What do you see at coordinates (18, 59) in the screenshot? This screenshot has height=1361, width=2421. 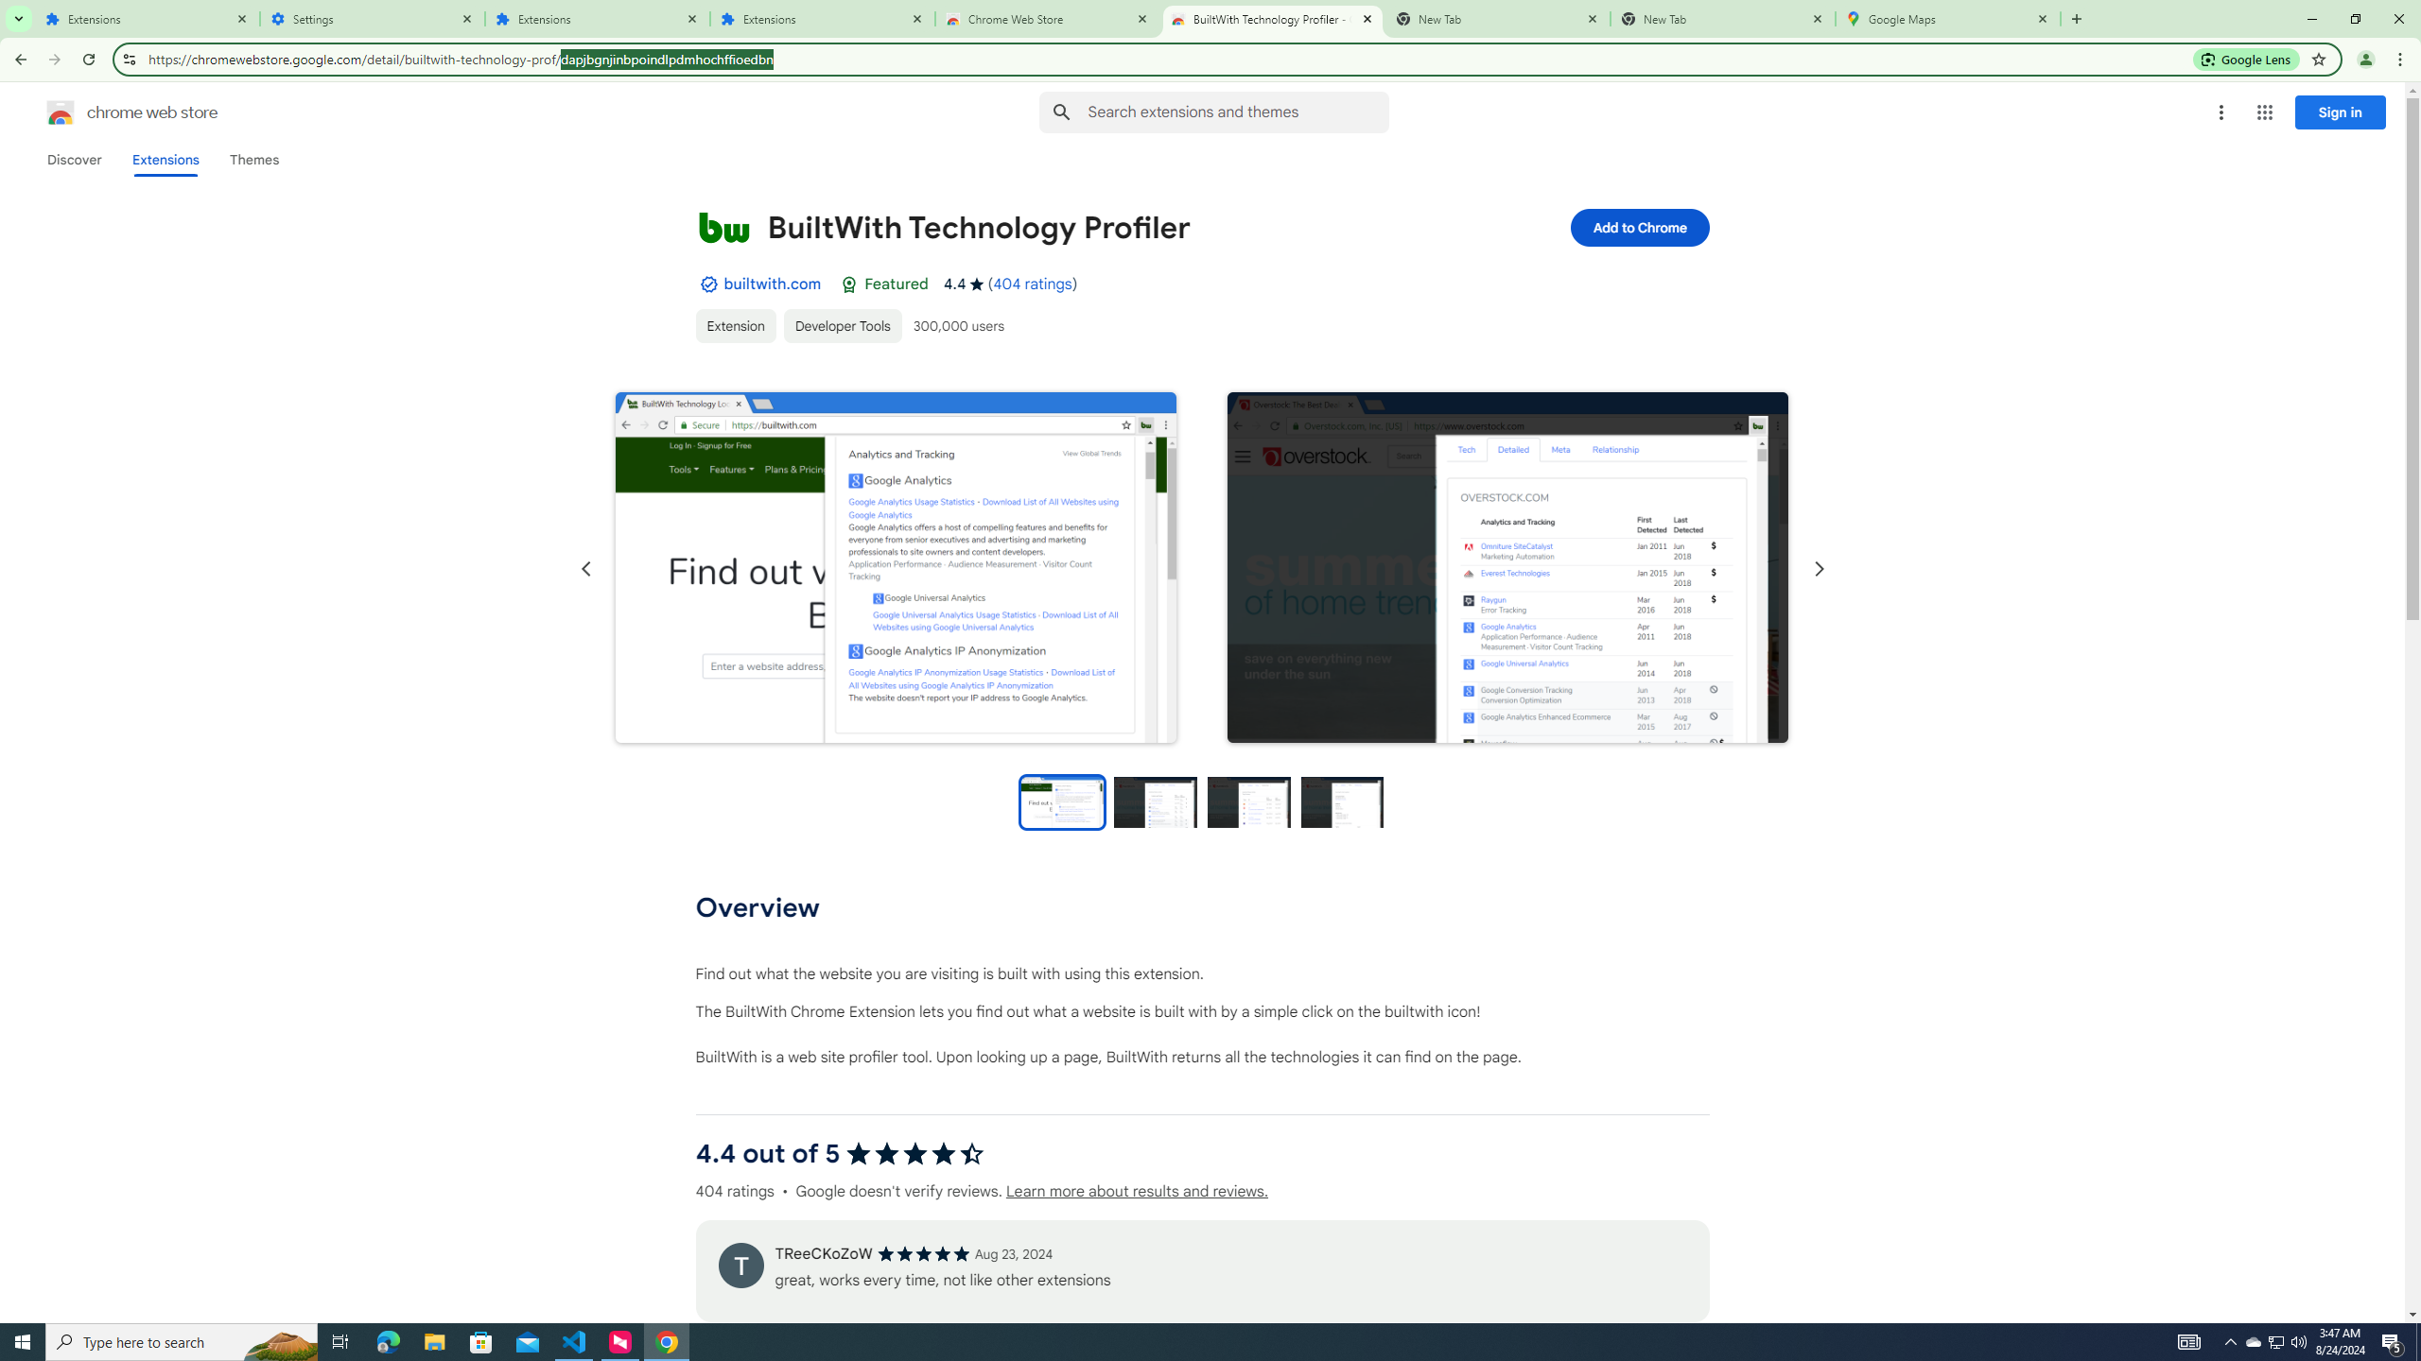 I see `'Back'` at bounding box center [18, 59].